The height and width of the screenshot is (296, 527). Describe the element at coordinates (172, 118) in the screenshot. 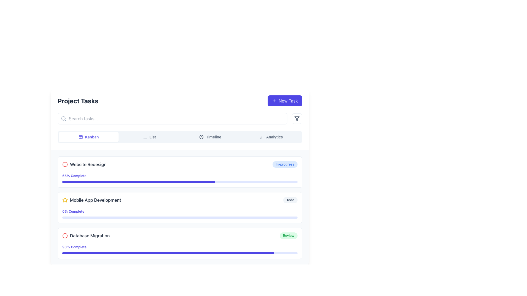

I see `the search bar located below the 'Project Tasks' title to focus input` at that location.